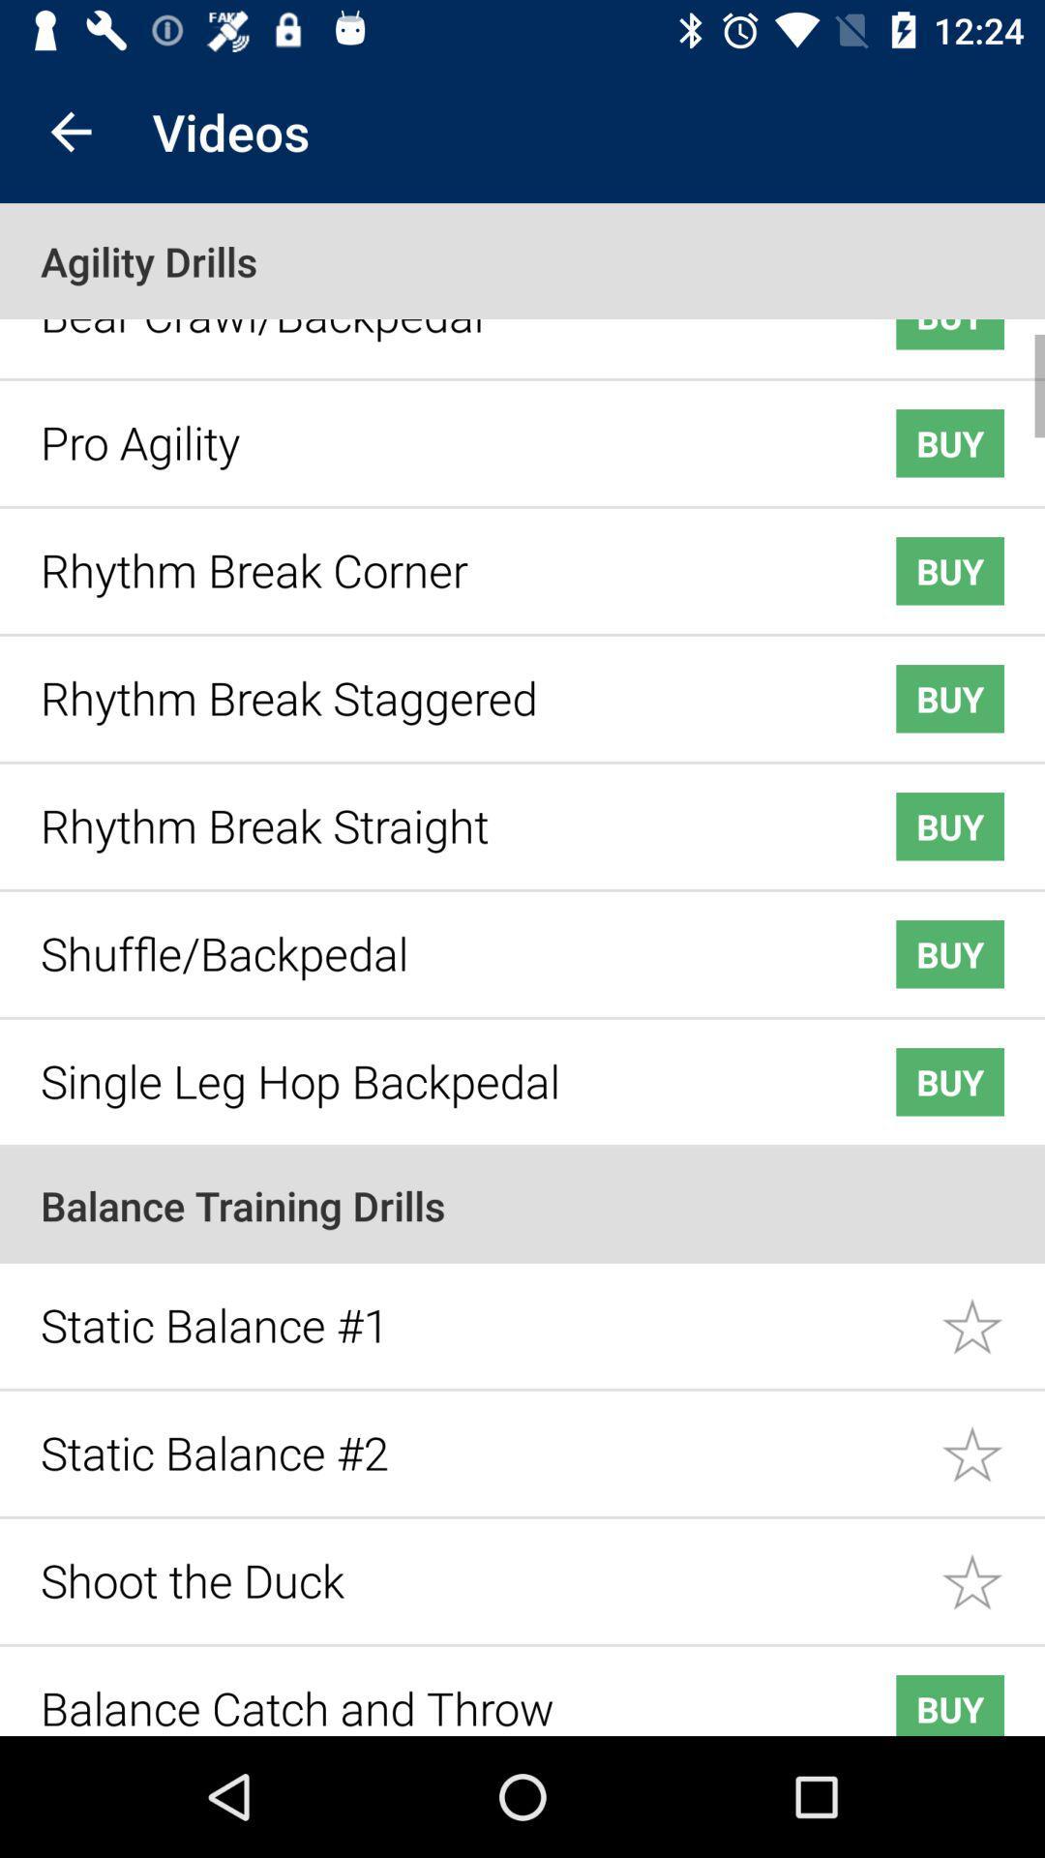  What do you see at coordinates (437, 1065) in the screenshot?
I see `the single leg hop item` at bounding box center [437, 1065].